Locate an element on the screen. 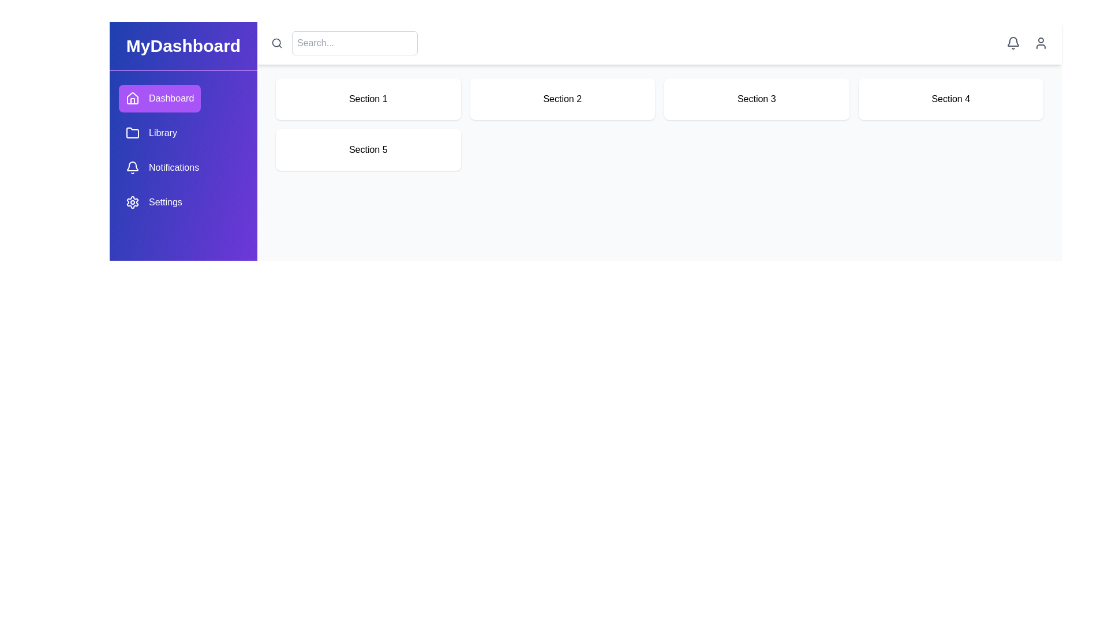 This screenshot has height=623, width=1108. the Text header in the top-left section of the vertical sidebar, which serves as the title for the sidebar navigation is located at coordinates (182, 46).